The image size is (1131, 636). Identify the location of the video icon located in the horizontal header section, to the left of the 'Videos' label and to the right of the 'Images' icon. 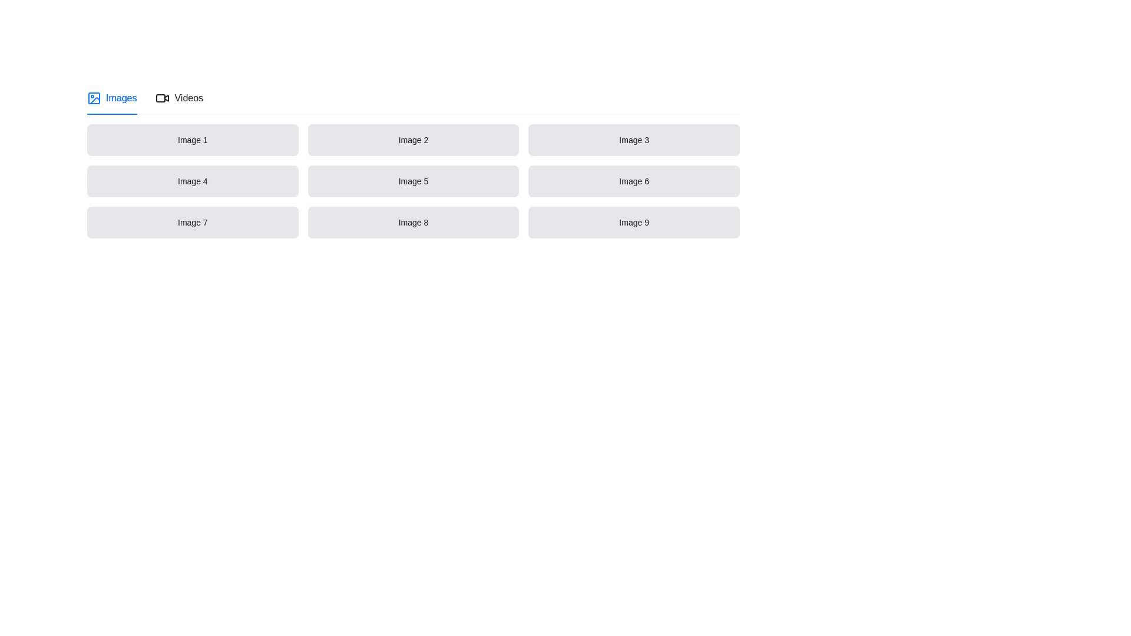
(162, 97).